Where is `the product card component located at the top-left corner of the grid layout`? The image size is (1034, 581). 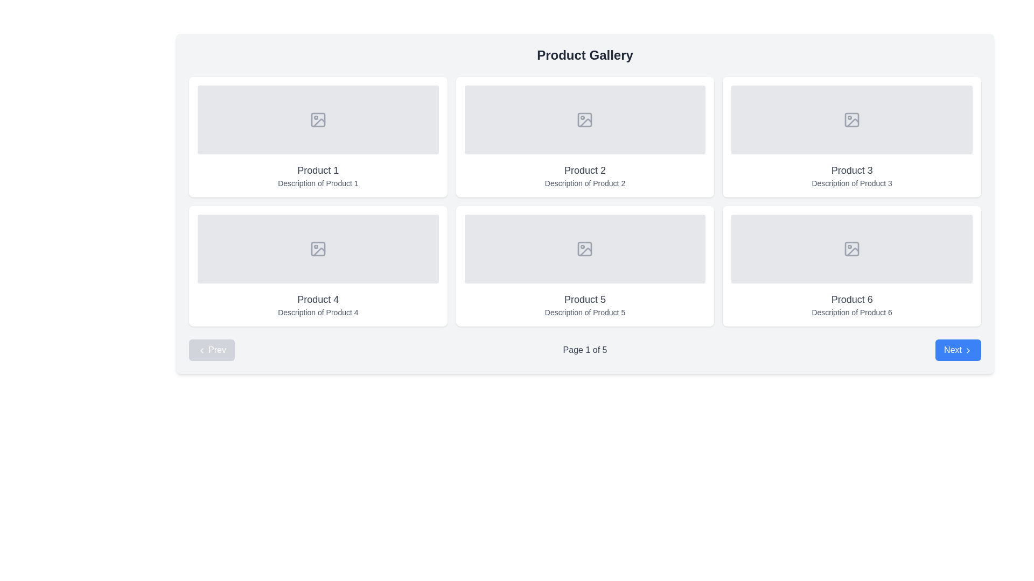
the product card component located at the top-left corner of the grid layout is located at coordinates (317, 136).